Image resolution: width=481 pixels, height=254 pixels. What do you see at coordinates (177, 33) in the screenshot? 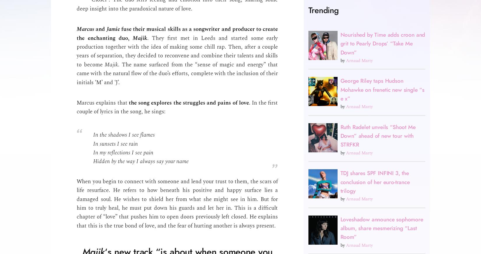
I see `'fuse their musical skills as a songwriter and producer to create the enchanting duo,'` at bounding box center [177, 33].